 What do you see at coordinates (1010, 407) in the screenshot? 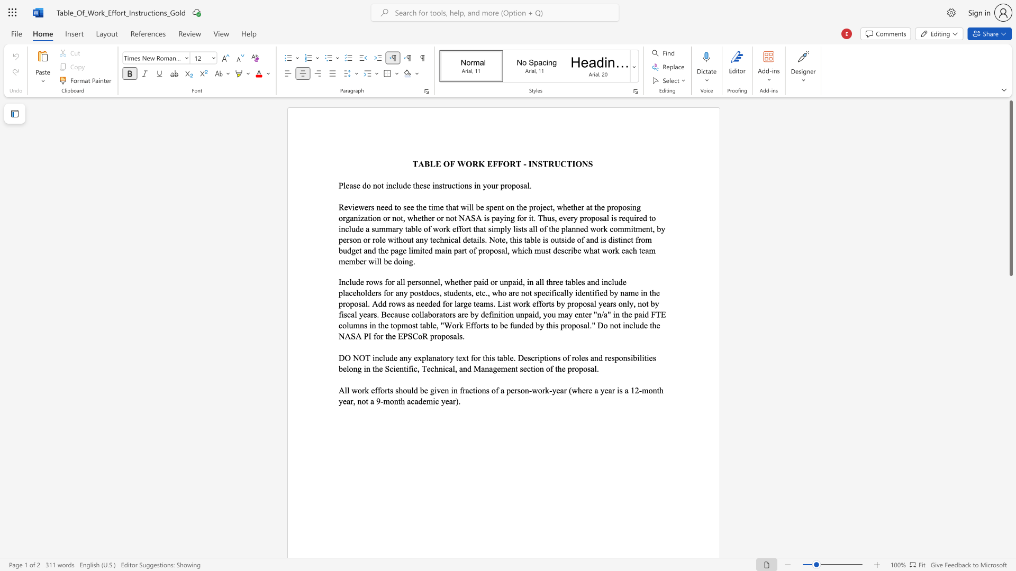
I see `the scrollbar to adjust the page downward` at bounding box center [1010, 407].